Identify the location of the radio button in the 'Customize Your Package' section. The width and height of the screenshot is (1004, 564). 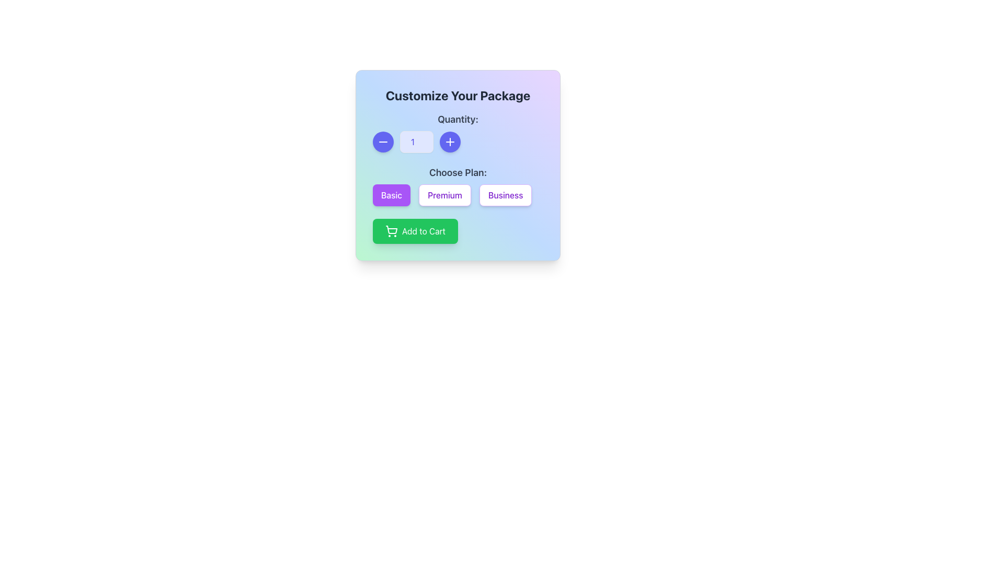
(458, 185).